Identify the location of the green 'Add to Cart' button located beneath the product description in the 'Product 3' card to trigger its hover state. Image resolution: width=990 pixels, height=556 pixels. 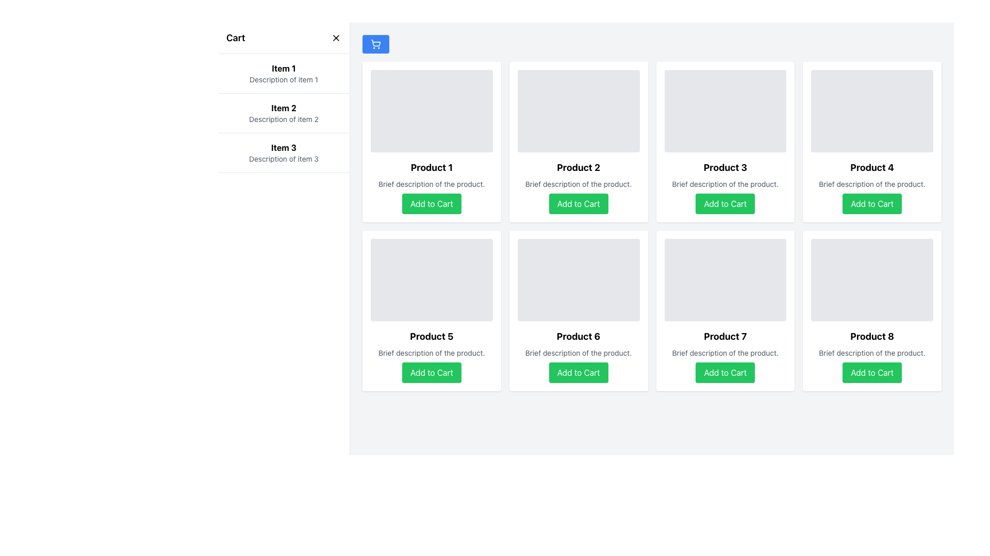
(724, 204).